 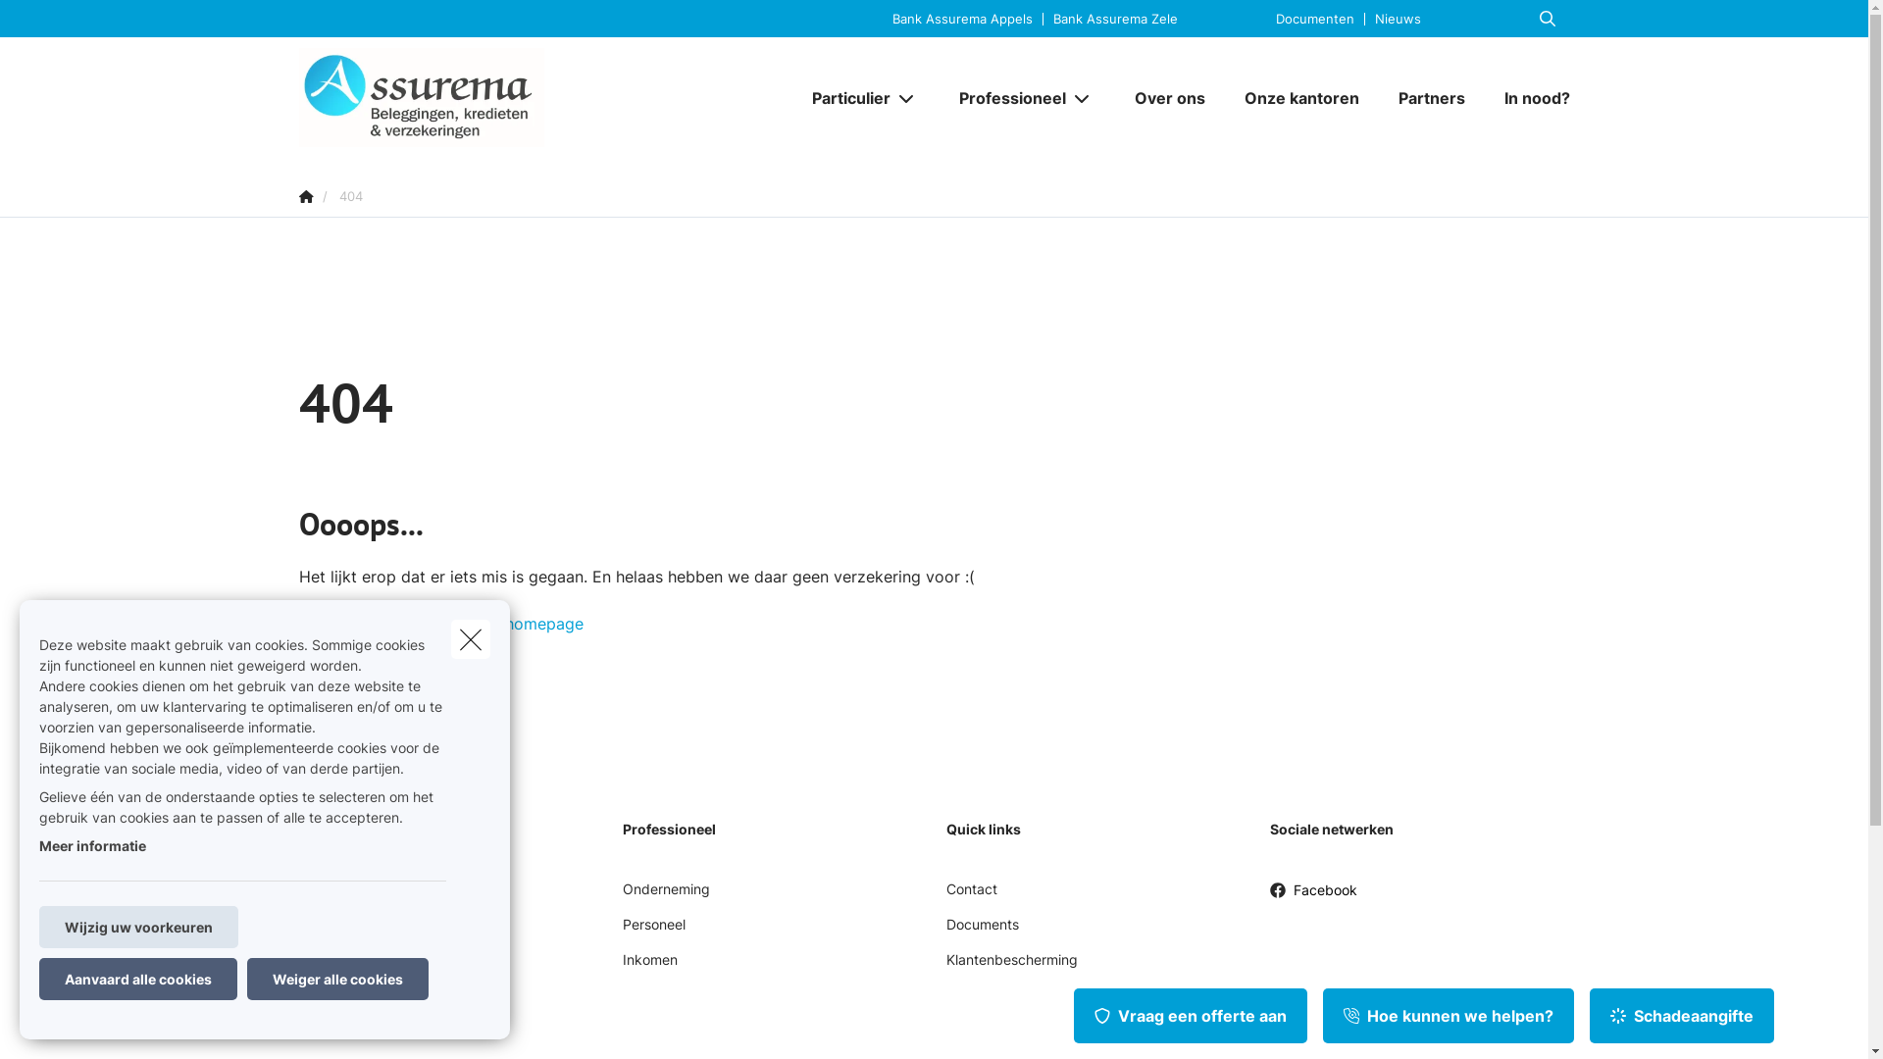 I want to click on 'Professioneel', so click(x=939, y=98).